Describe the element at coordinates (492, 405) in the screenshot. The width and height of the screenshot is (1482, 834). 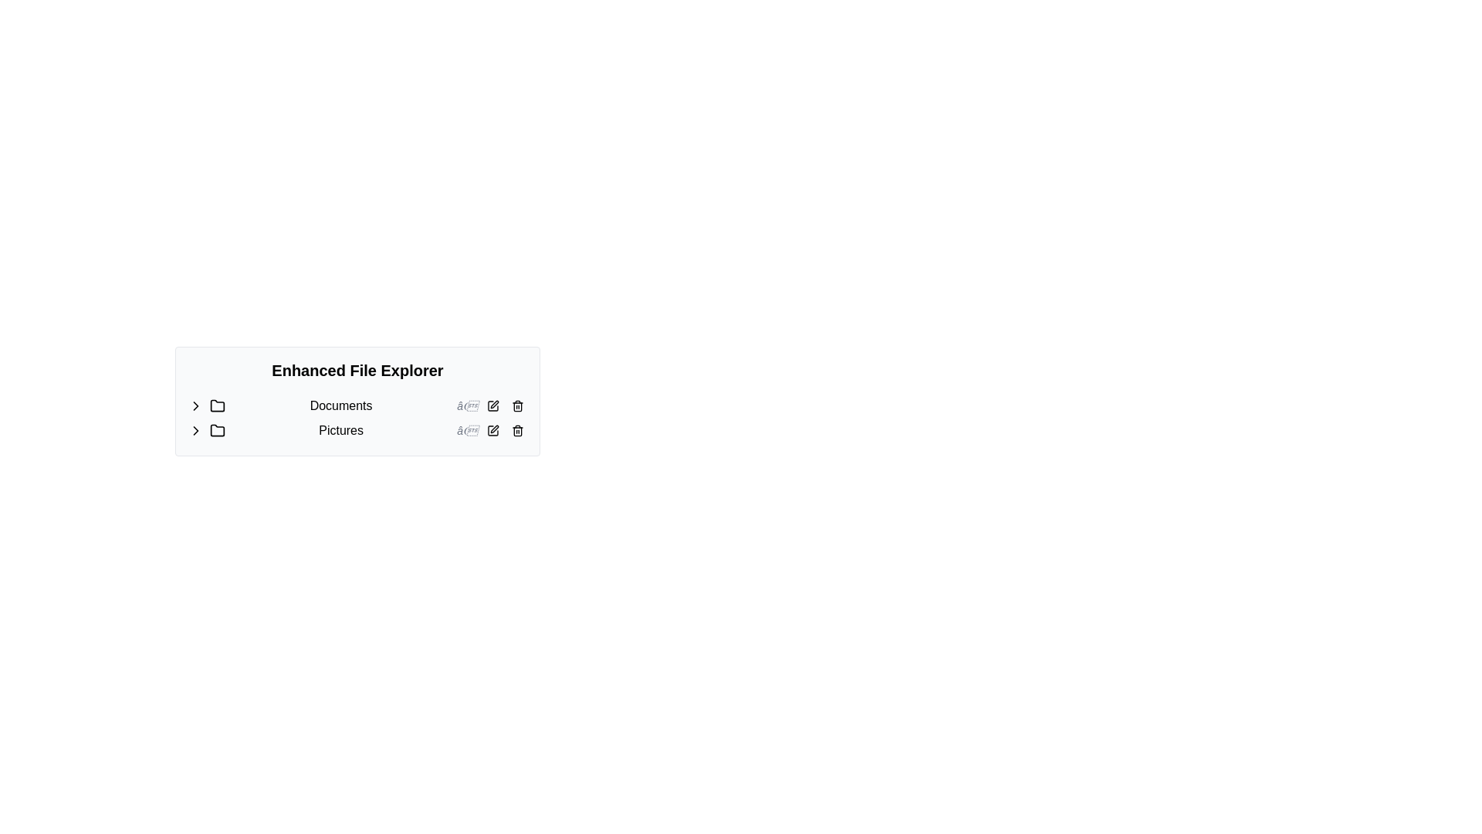
I see `the document icon, a square with a border and a cut-off bottom-left corner, located in the 'Documents' section of the file explorer` at that location.